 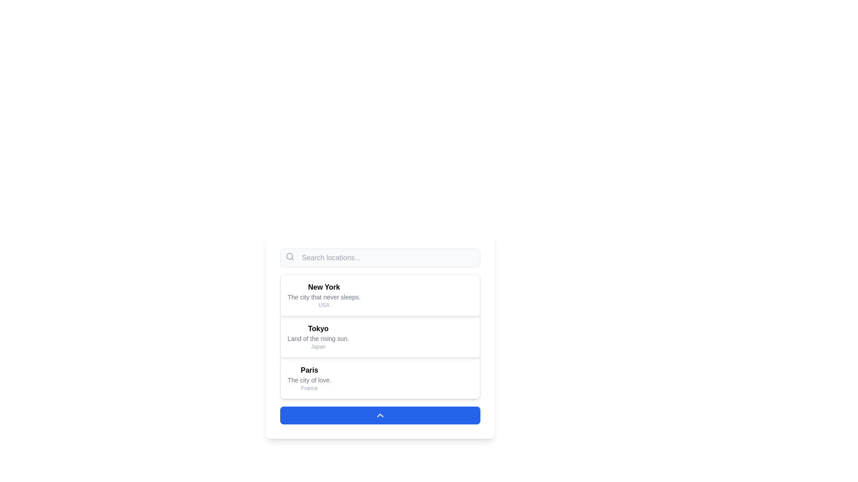 I want to click on the first list item entry for 'New York' which is located directly beneath the search bar and above other list items such as 'Tokyo' and 'Paris'. This item is distinct with clear spacing around it, so click(x=324, y=295).